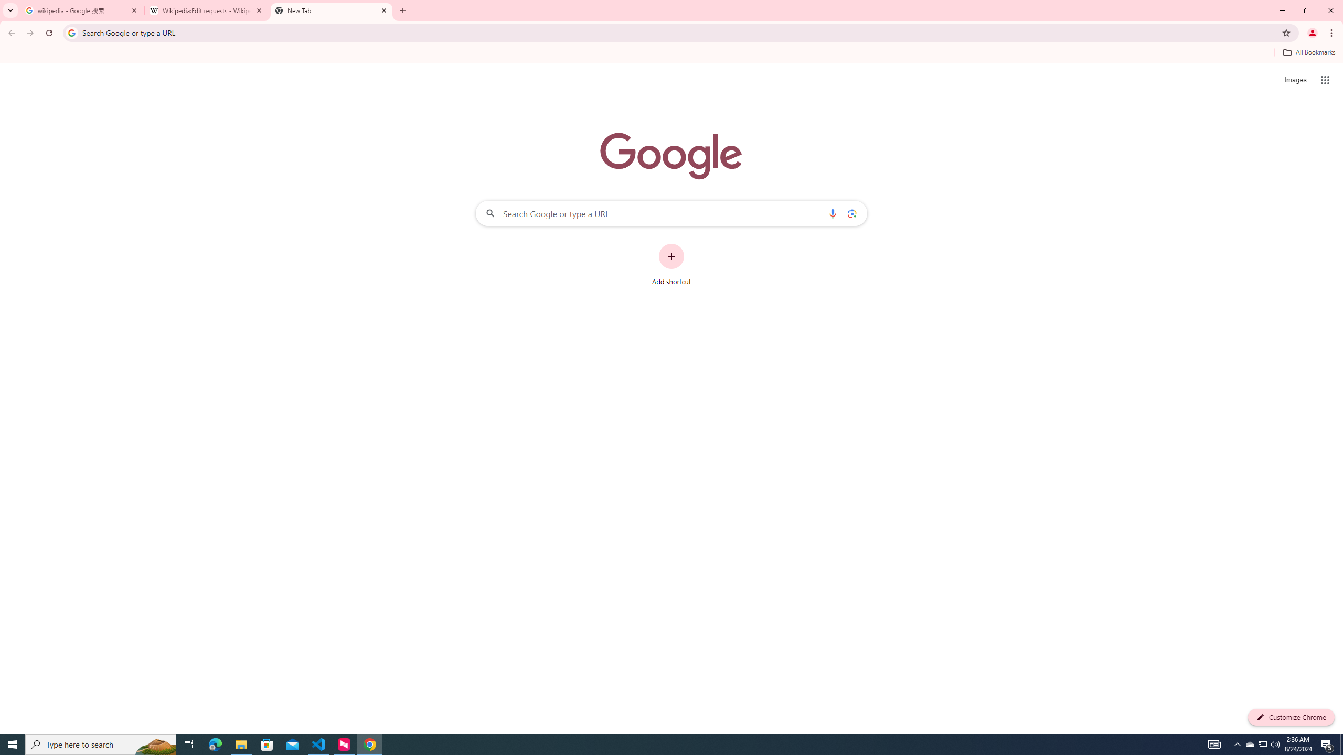 The width and height of the screenshot is (1343, 755). What do you see at coordinates (1291, 717) in the screenshot?
I see `'Customize Chrome'` at bounding box center [1291, 717].